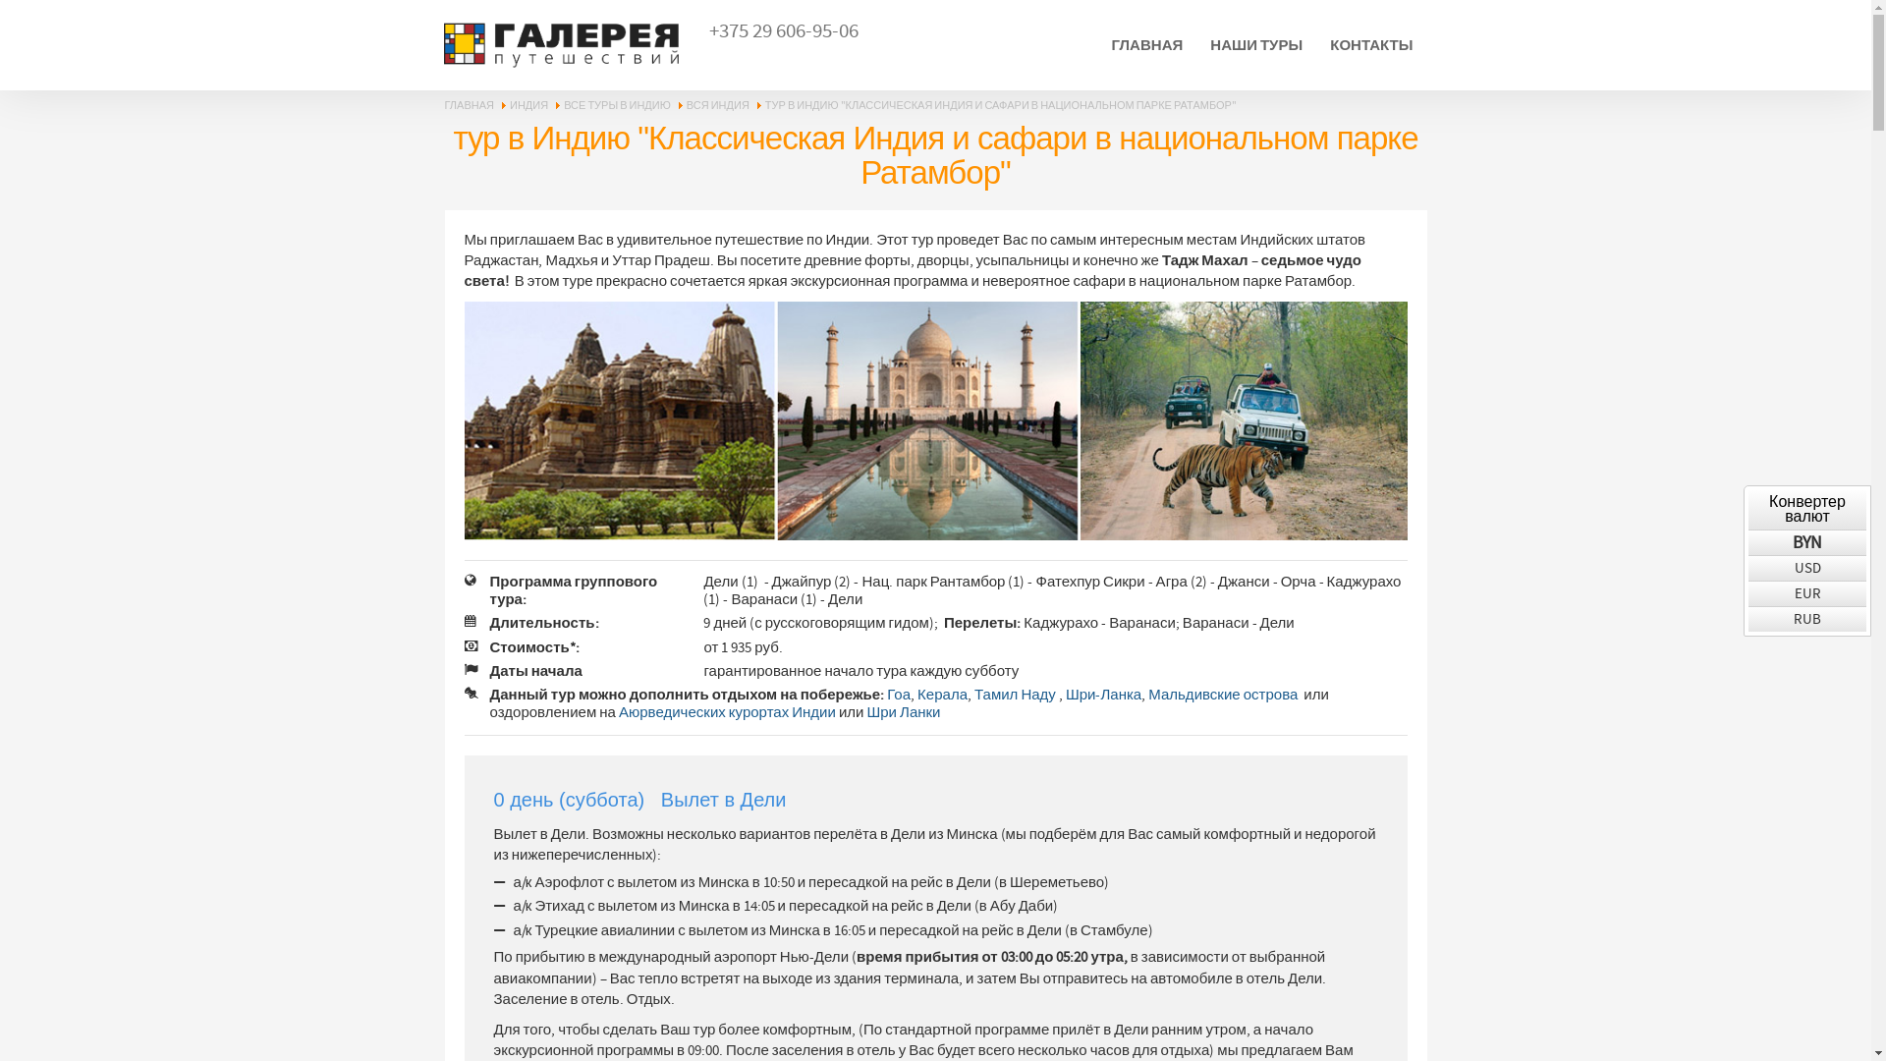 The image size is (1886, 1061). Describe the element at coordinates (1748, 542) in the screenshot. I see `'BYN'` at that location.